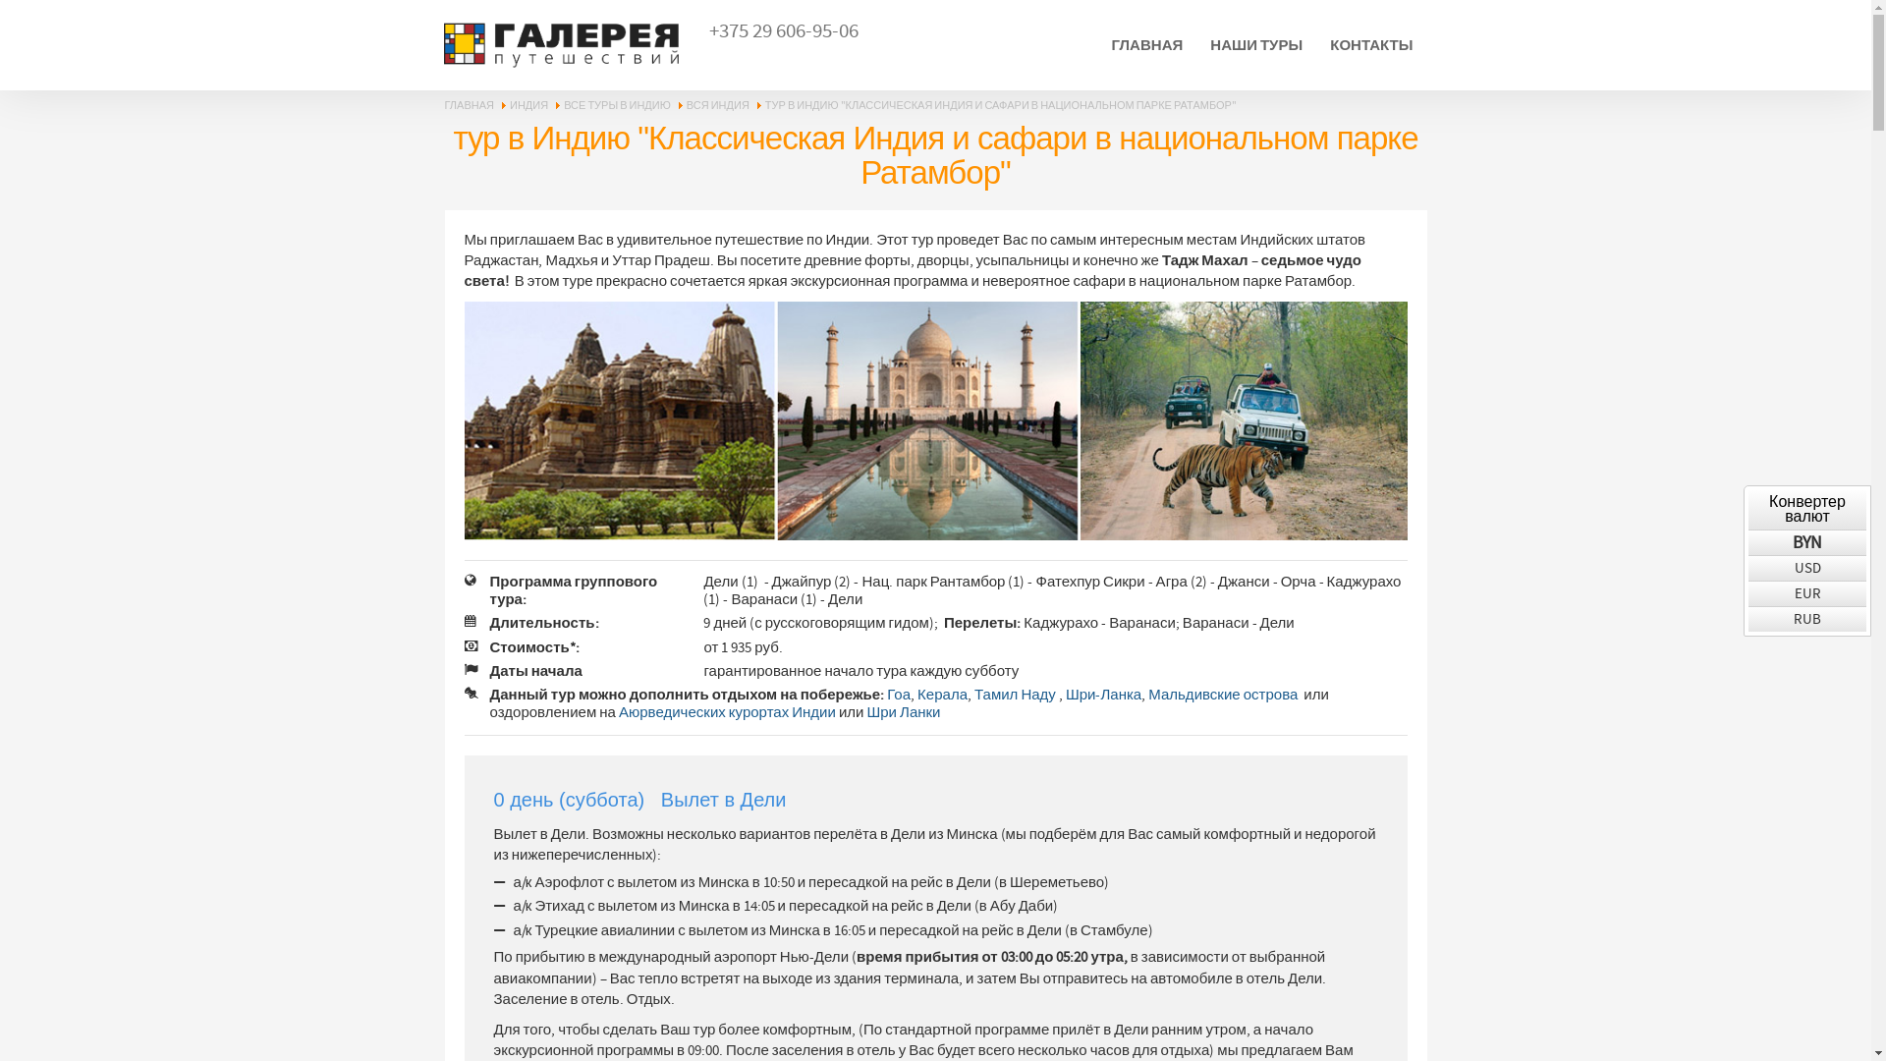 The image size is (1886, 1061). Describe the element at coordinates (1748, 542) in the screenshot. I see `'BYN'` at that location.